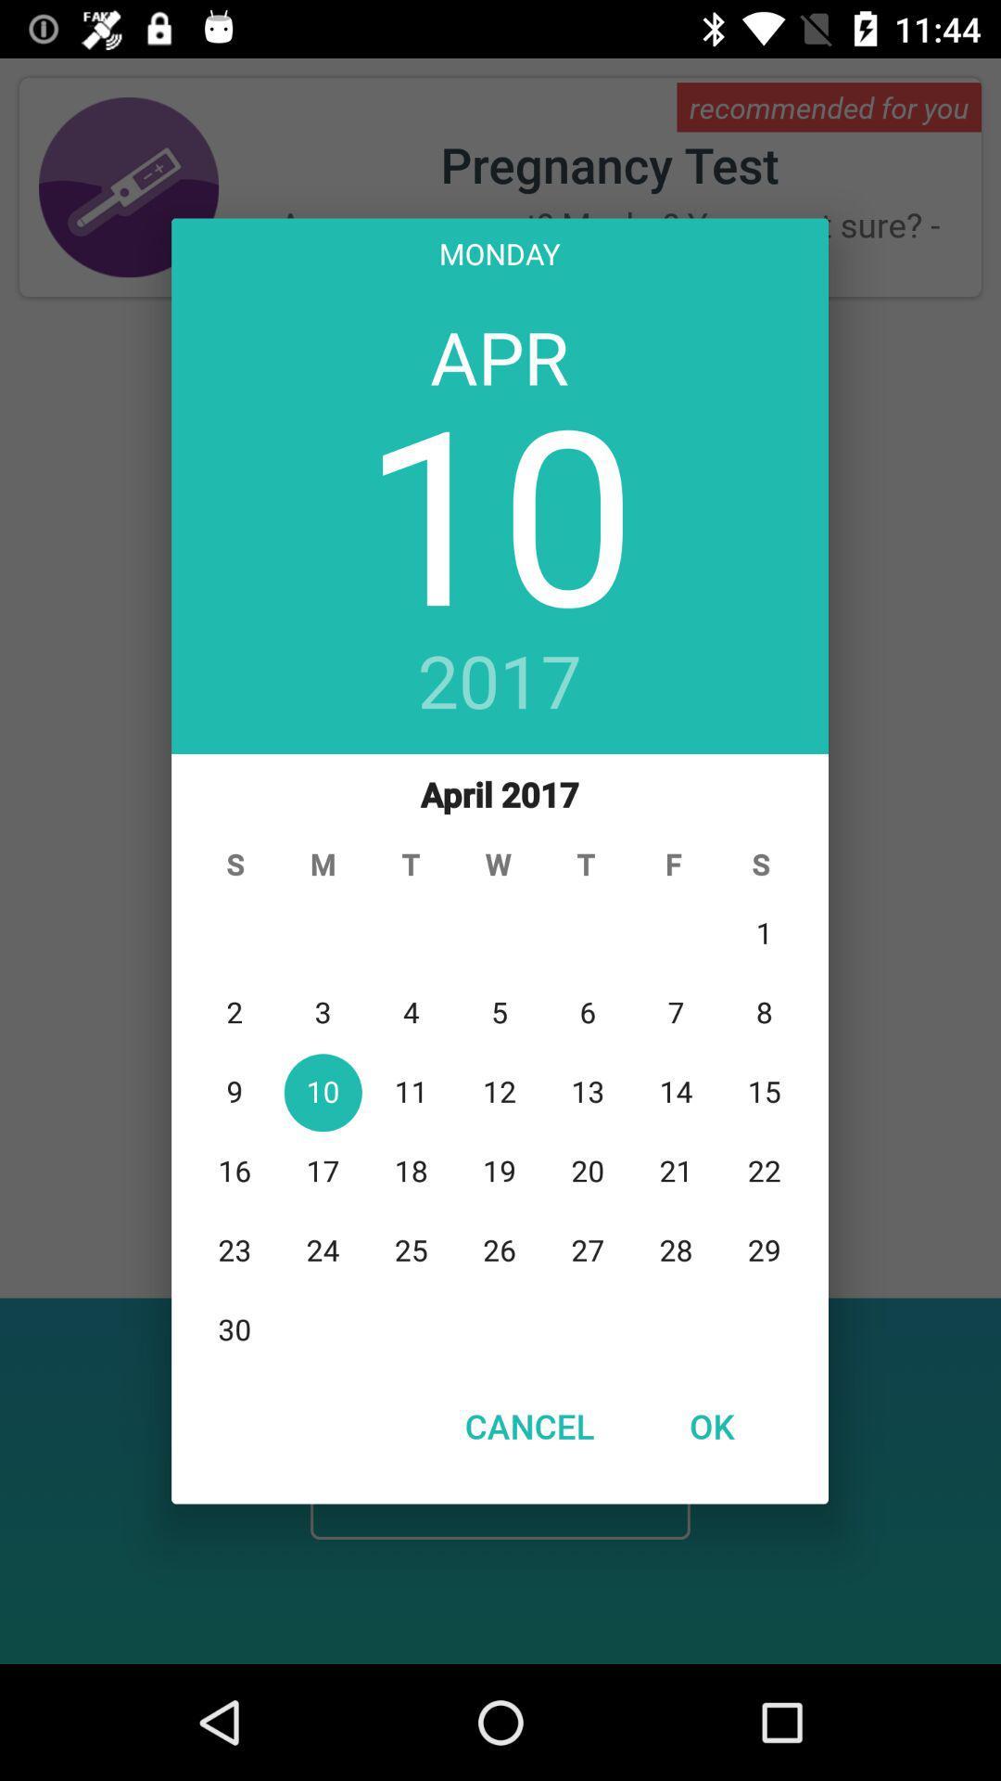 This screenshot has height=1781, width=1001. I want to click on the icon next to the cancel item, so click(710, 1425).